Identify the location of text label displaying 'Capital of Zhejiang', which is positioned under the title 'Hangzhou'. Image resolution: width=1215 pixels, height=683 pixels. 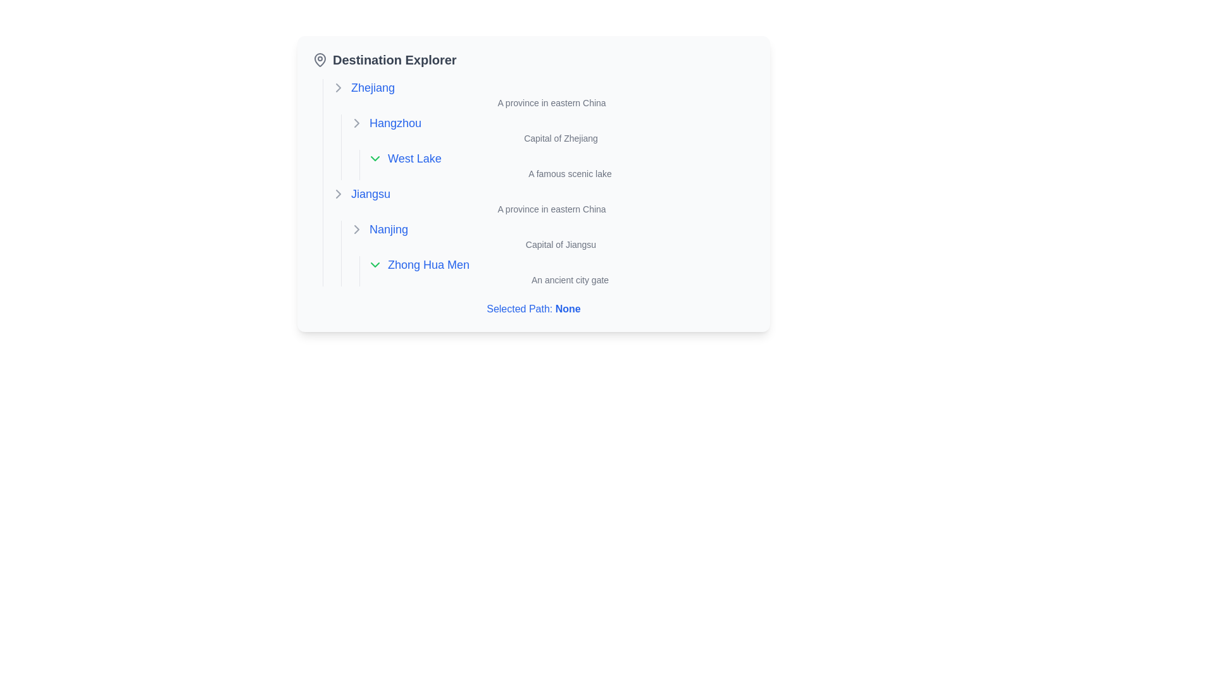
(552, 138).